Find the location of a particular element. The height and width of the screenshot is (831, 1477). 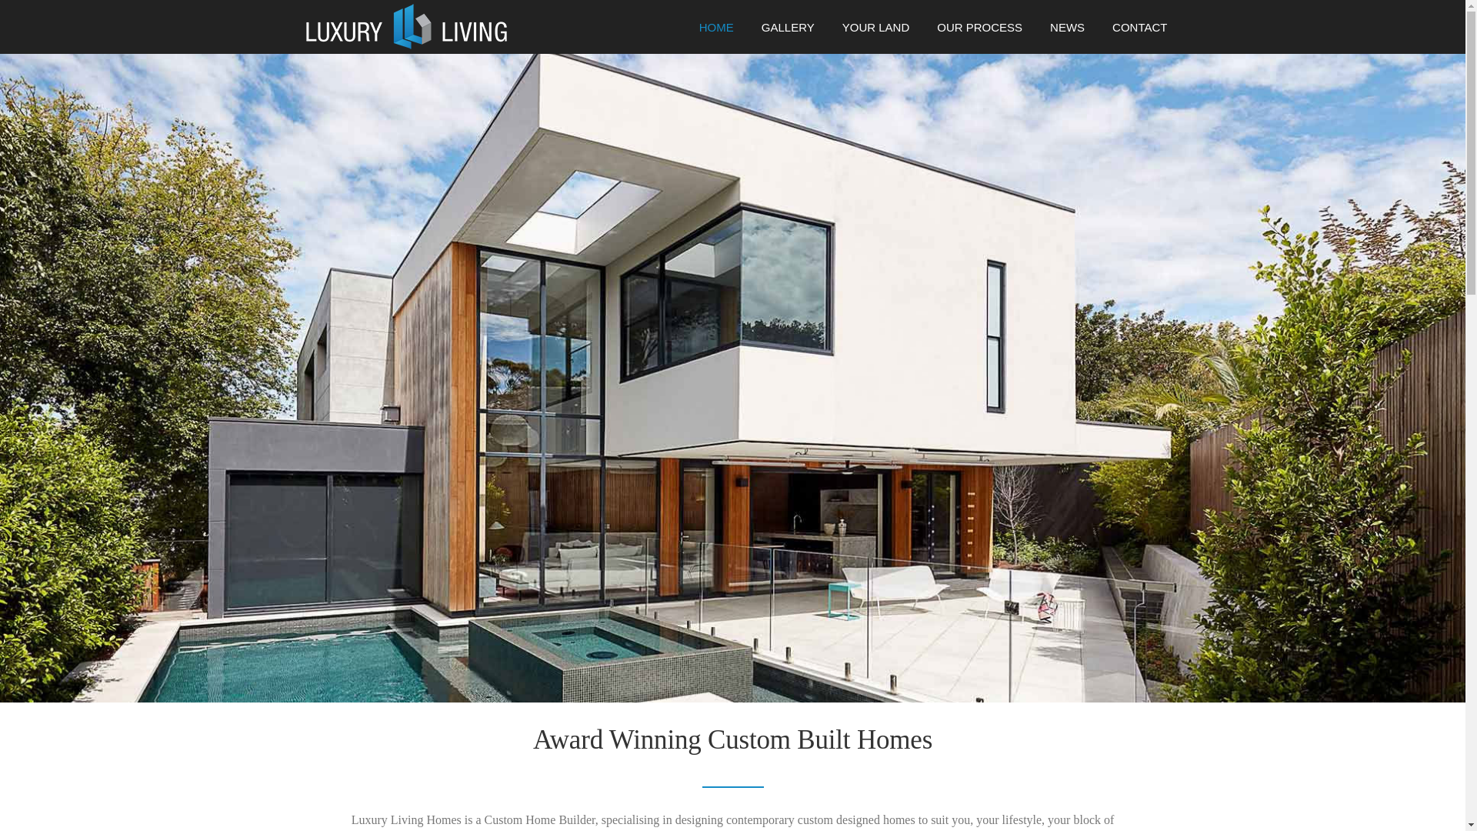

'CONTACT' is located at coordinates (1132, 33).